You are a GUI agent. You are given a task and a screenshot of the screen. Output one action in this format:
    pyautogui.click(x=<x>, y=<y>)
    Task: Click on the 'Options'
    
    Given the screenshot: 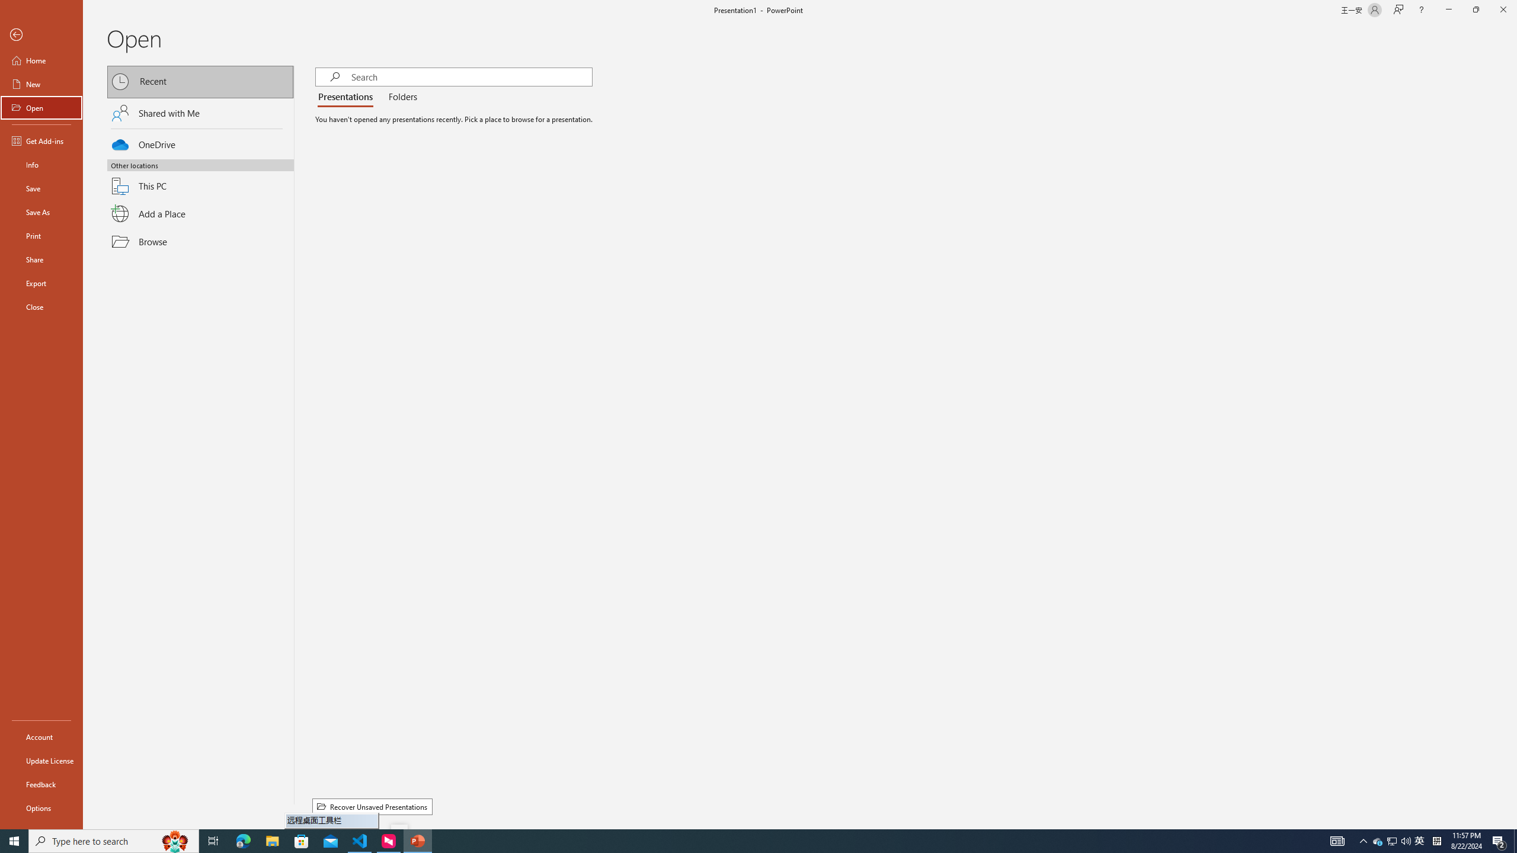 What is the action you would take?
    pyautogui.click(x=41, y=807)
    